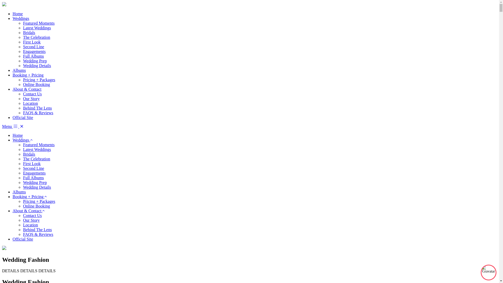 The width and height of the screenshot is (503, 283). What do you see at coordinates (22, 117) in the screenshot?
I see `'Official Site'` at bounding box center [22, 117].